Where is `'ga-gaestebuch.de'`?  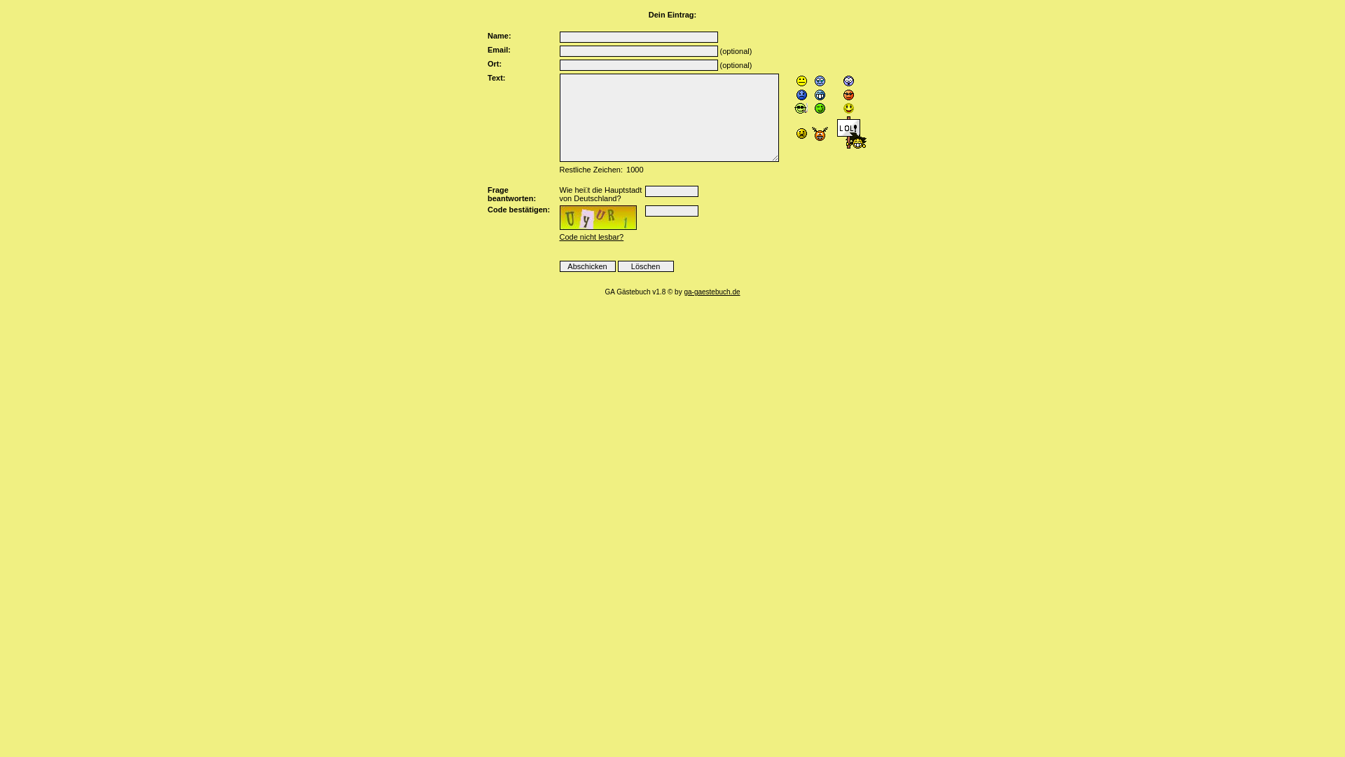
'ga-gaestebuch.de' is located at coordinates (712, 291).